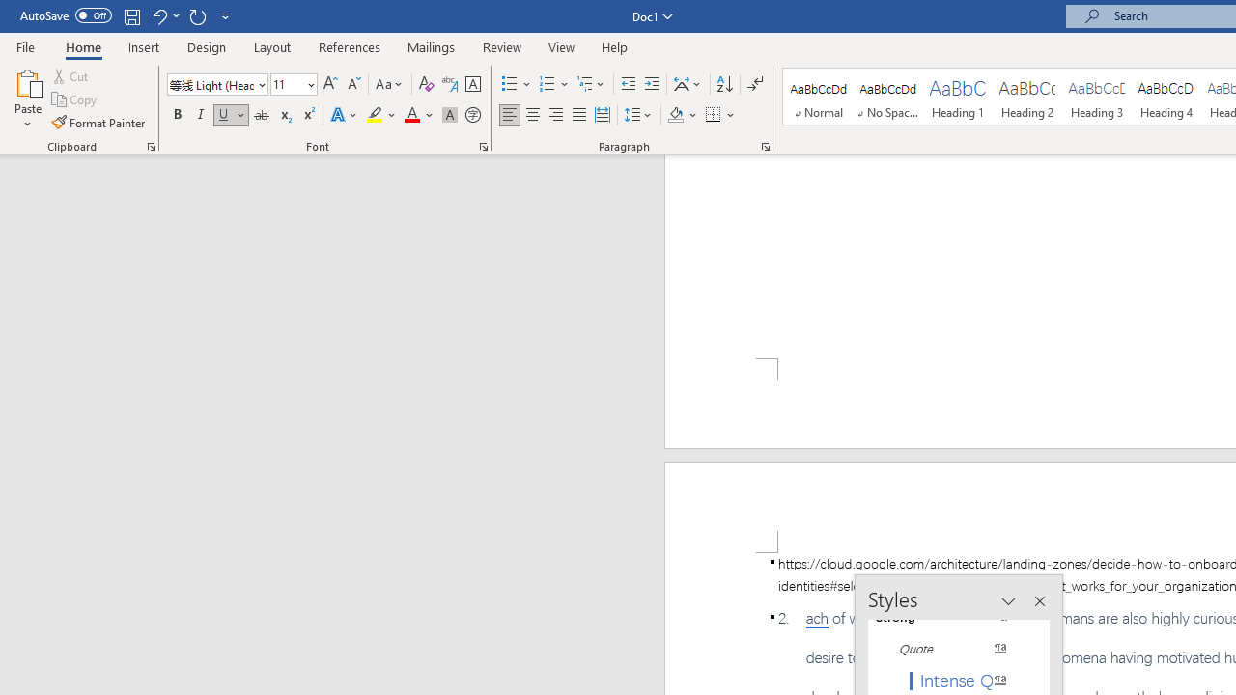  Describe the element at coordinates (1097, 97) in the screenshot. I see `'Heading 3'` at that location.